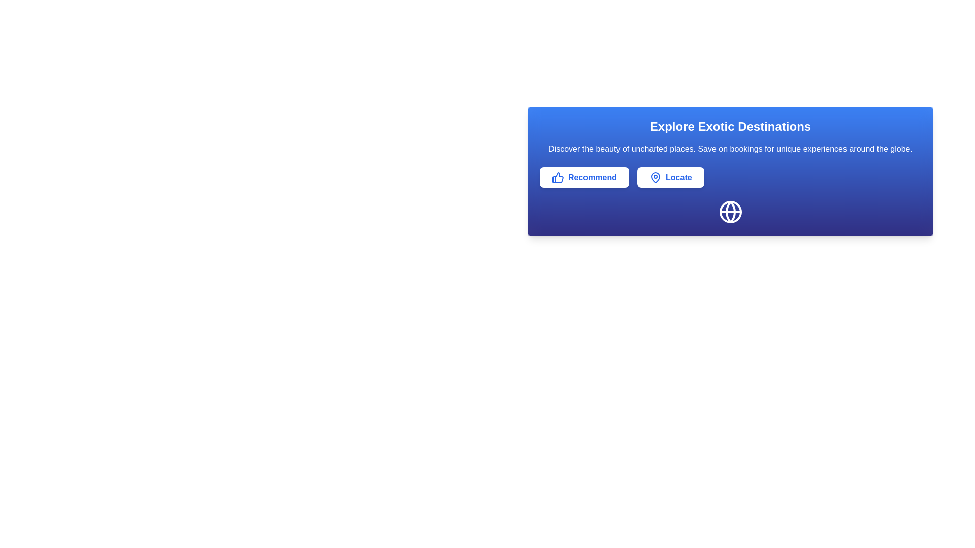 This screenshot has width=975, height=548. Describe the element at coordinates (557, 177) in the screenshot. I see `the 'Recommend' button located at the bottom left corner of the 'Explore Exotic Destinations' card, which contains the SVG icon indicating a 'like' or 'recommendation' action` at that location.